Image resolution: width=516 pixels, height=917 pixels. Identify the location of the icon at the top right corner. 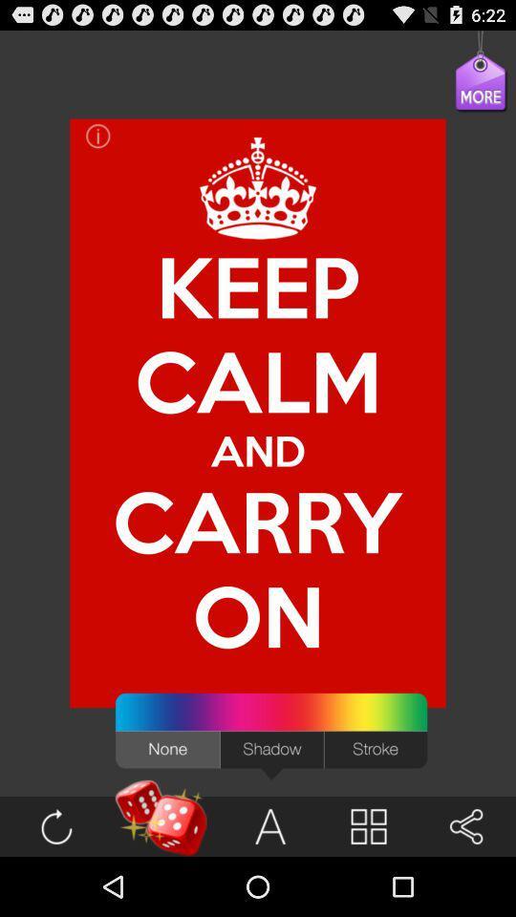
(464, 93).